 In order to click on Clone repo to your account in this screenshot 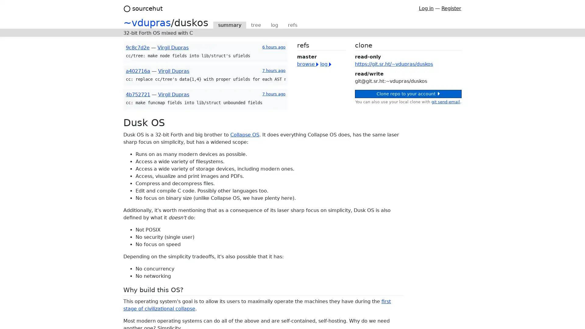, I will do `click(408, 94)`.